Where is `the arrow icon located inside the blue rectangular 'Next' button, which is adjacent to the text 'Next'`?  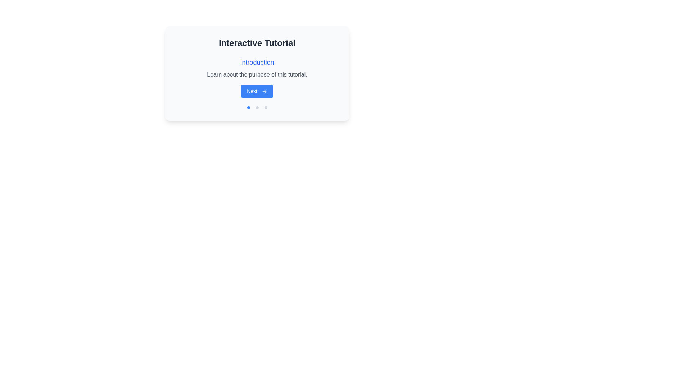
the arrow icon located inside the blue rectangular 'Next' button, which is adjacent to the text 'Next' is located at coordinates (264, 91).